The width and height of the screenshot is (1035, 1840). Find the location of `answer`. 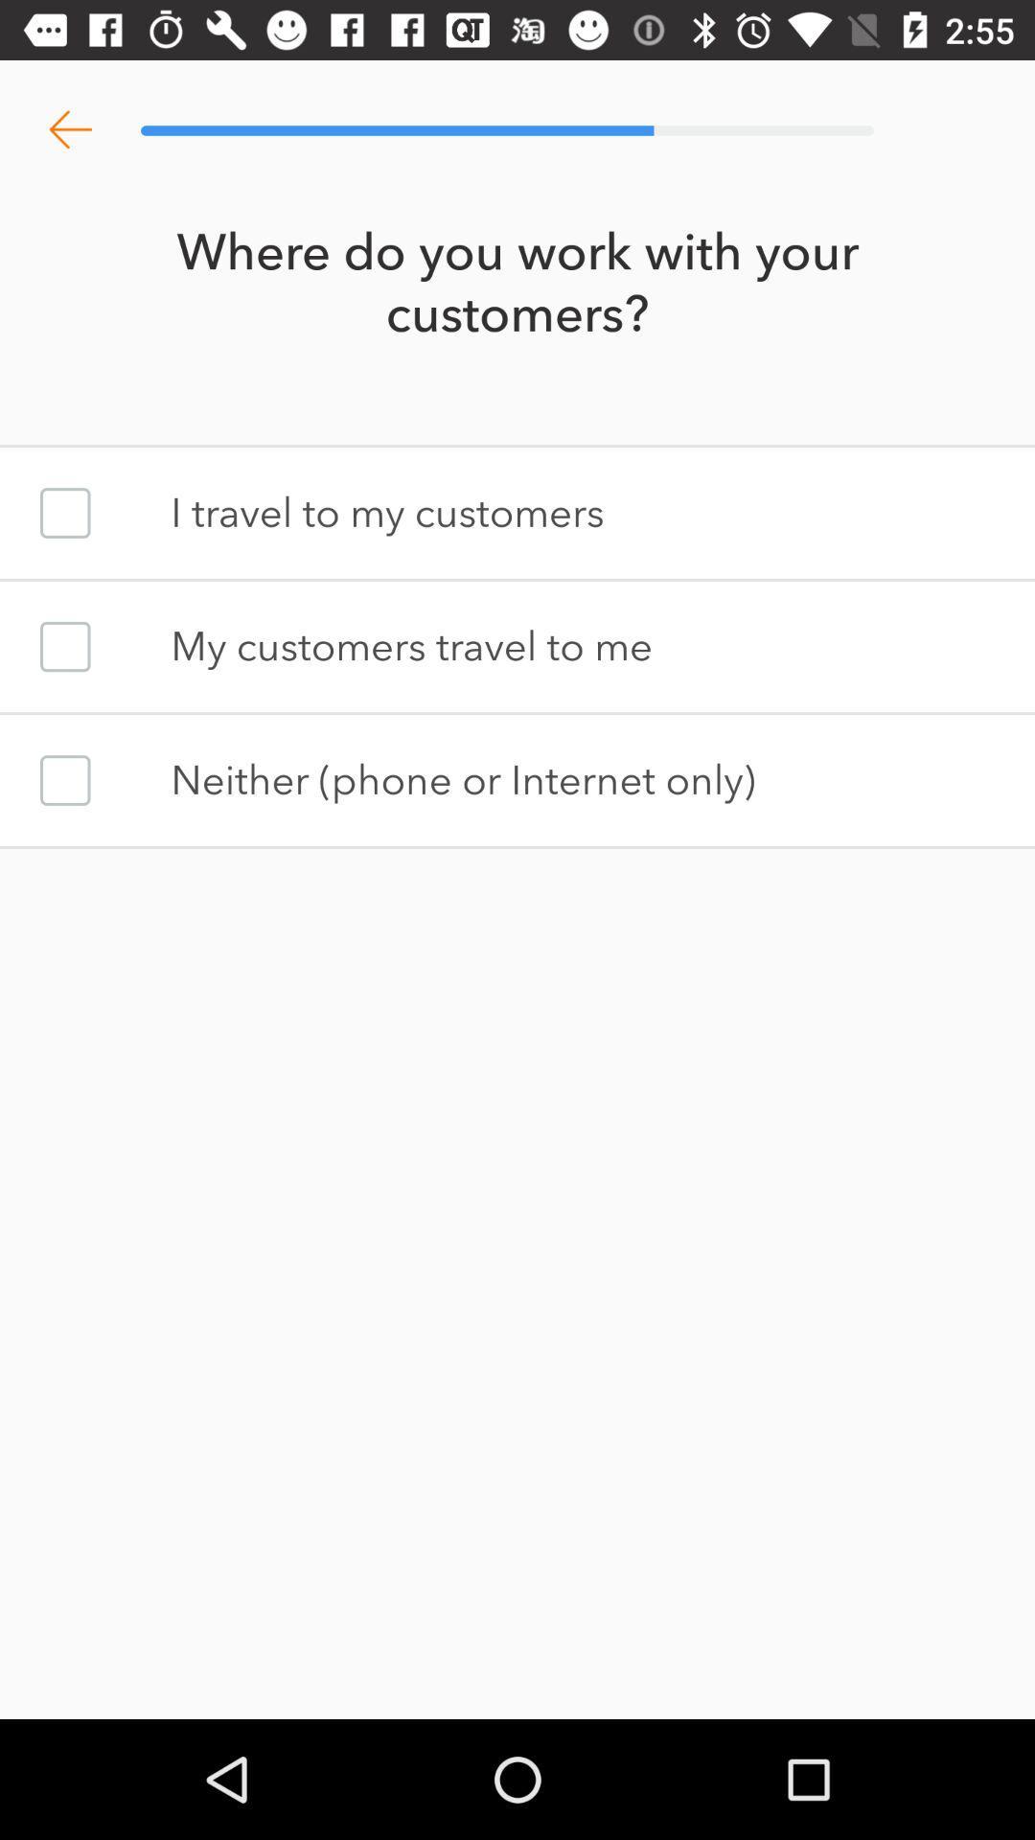

answer is located at coordinates (64, 513).